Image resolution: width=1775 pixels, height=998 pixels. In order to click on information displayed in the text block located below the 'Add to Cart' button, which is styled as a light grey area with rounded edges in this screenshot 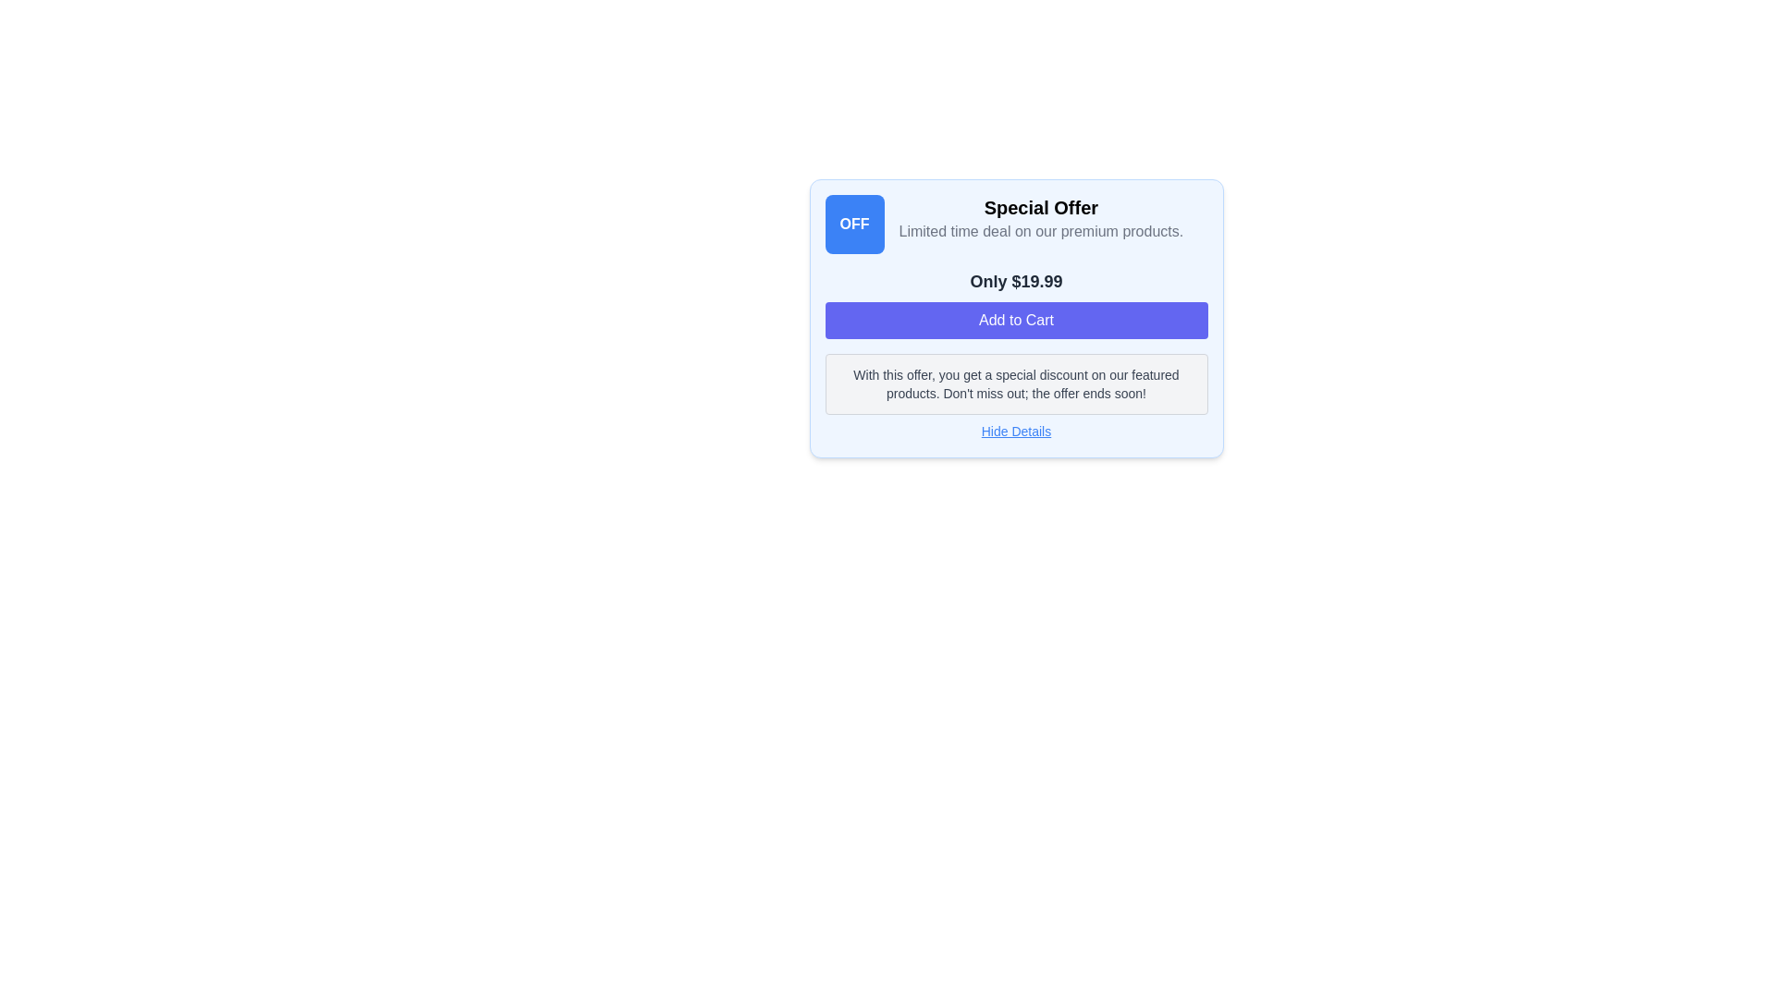, I will do `click(1015, 383)`.